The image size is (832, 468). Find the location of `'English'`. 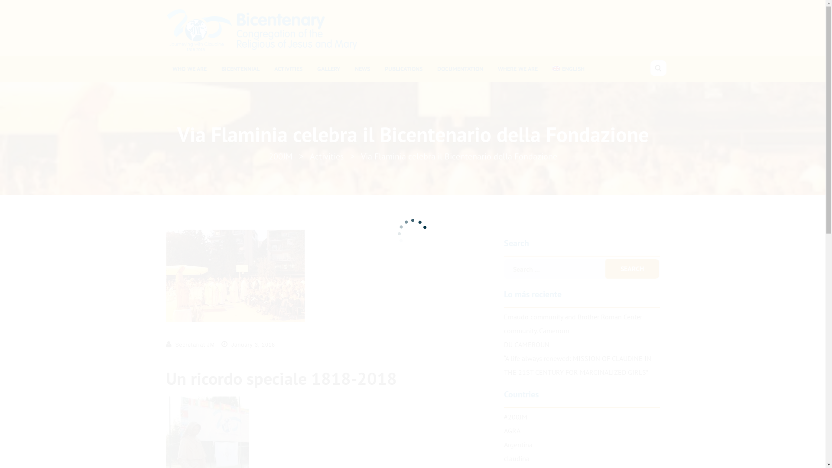

'English' is located at coordinates (556, 68).